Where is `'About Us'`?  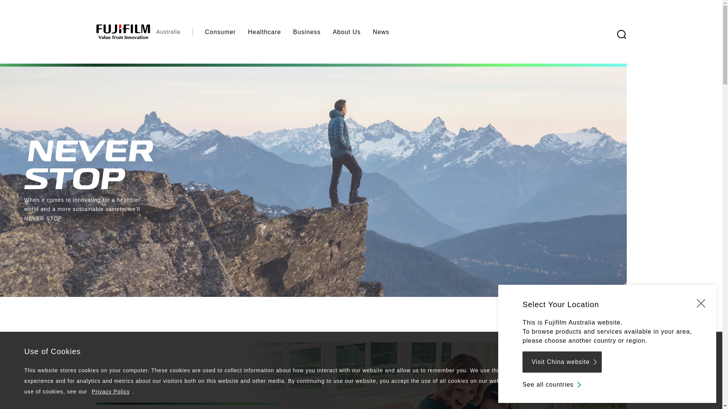 'About Us' is located at coordinates (347, 31).